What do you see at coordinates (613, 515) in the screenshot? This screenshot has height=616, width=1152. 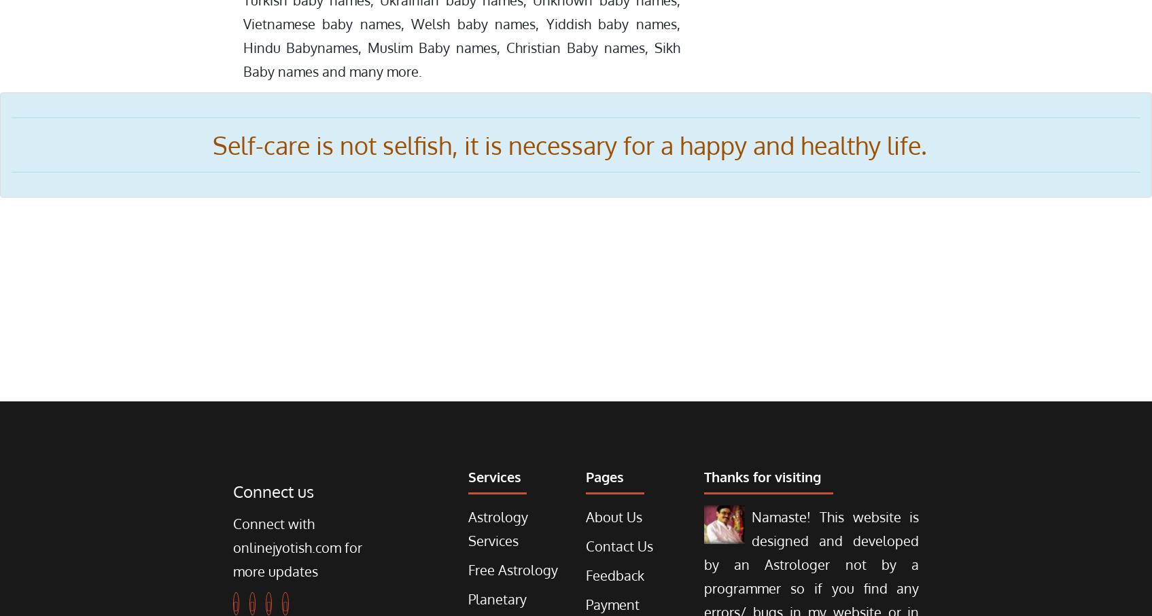 I see `'About Us'` at bounding box center [613, 515].